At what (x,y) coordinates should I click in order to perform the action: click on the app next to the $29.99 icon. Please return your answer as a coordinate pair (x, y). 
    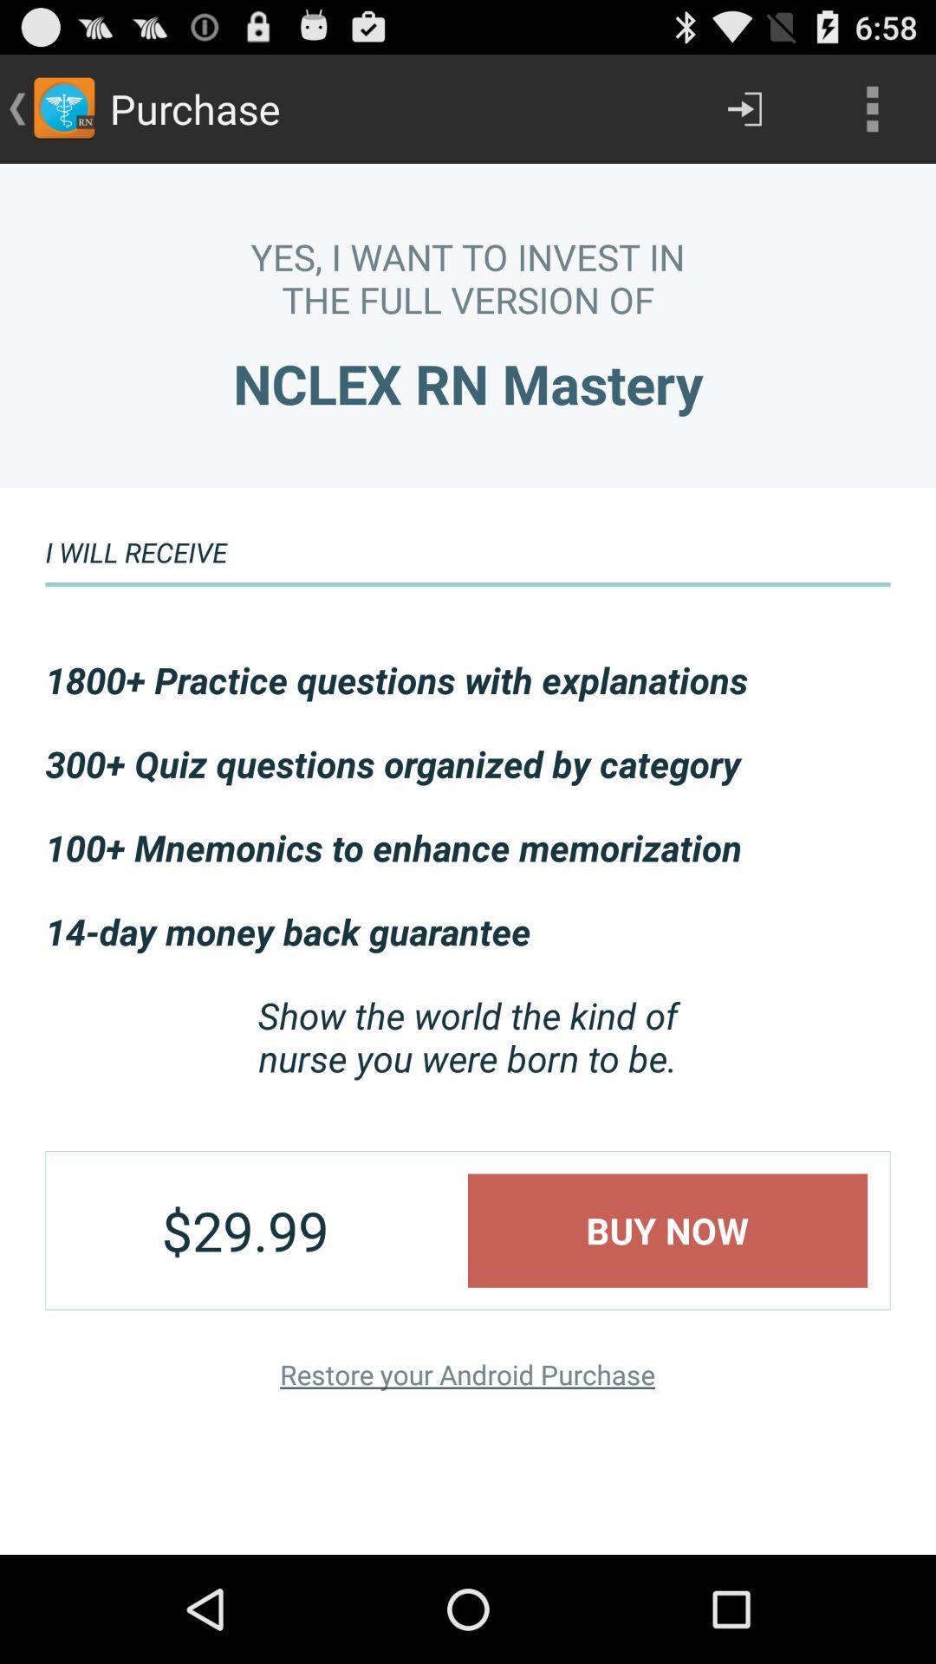
    Looking at the image, I should click on (666, 1230).